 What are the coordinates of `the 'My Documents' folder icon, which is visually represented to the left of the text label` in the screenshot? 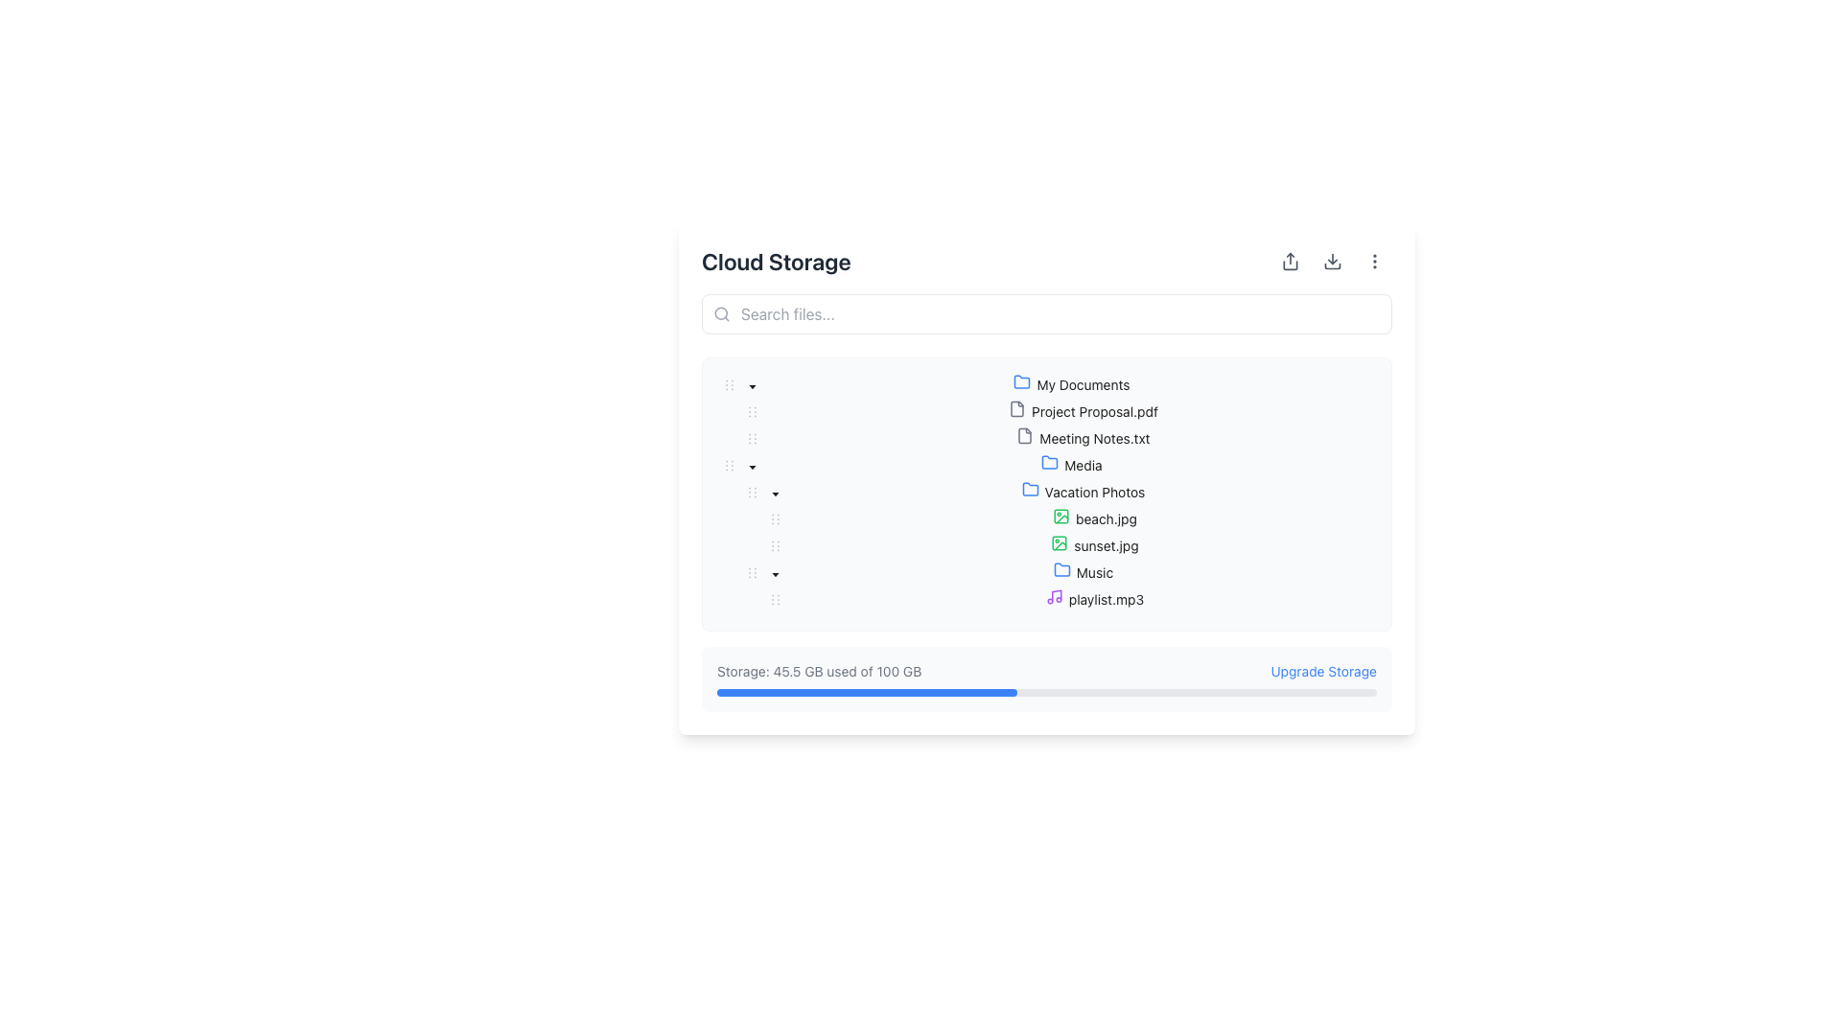 It's located at (1024, 384).